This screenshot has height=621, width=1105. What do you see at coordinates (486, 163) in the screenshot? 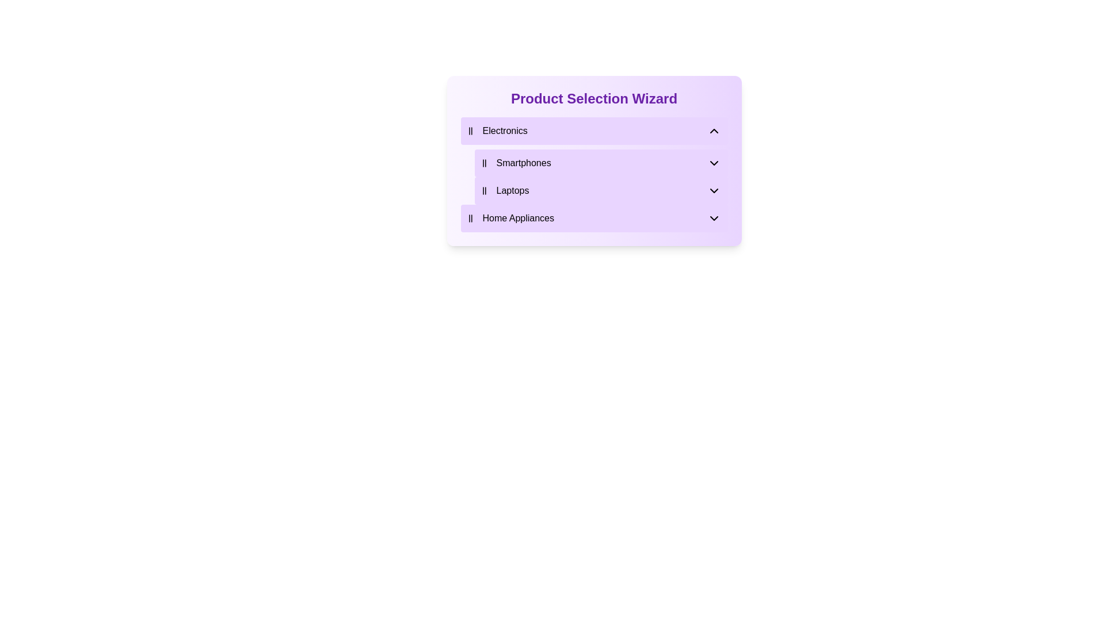
I see `the decorative icon to the left of the 'Smartphones' label in the 'Product Selection Wizard' interface` at bounding box center [486, 163].